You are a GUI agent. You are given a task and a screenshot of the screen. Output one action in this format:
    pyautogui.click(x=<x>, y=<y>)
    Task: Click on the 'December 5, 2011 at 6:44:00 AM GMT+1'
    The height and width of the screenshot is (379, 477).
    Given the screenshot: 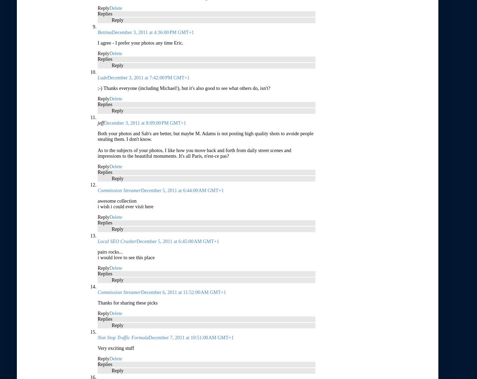 What is the action you would take?
    pyautogui.click(x=182, y=190)
    